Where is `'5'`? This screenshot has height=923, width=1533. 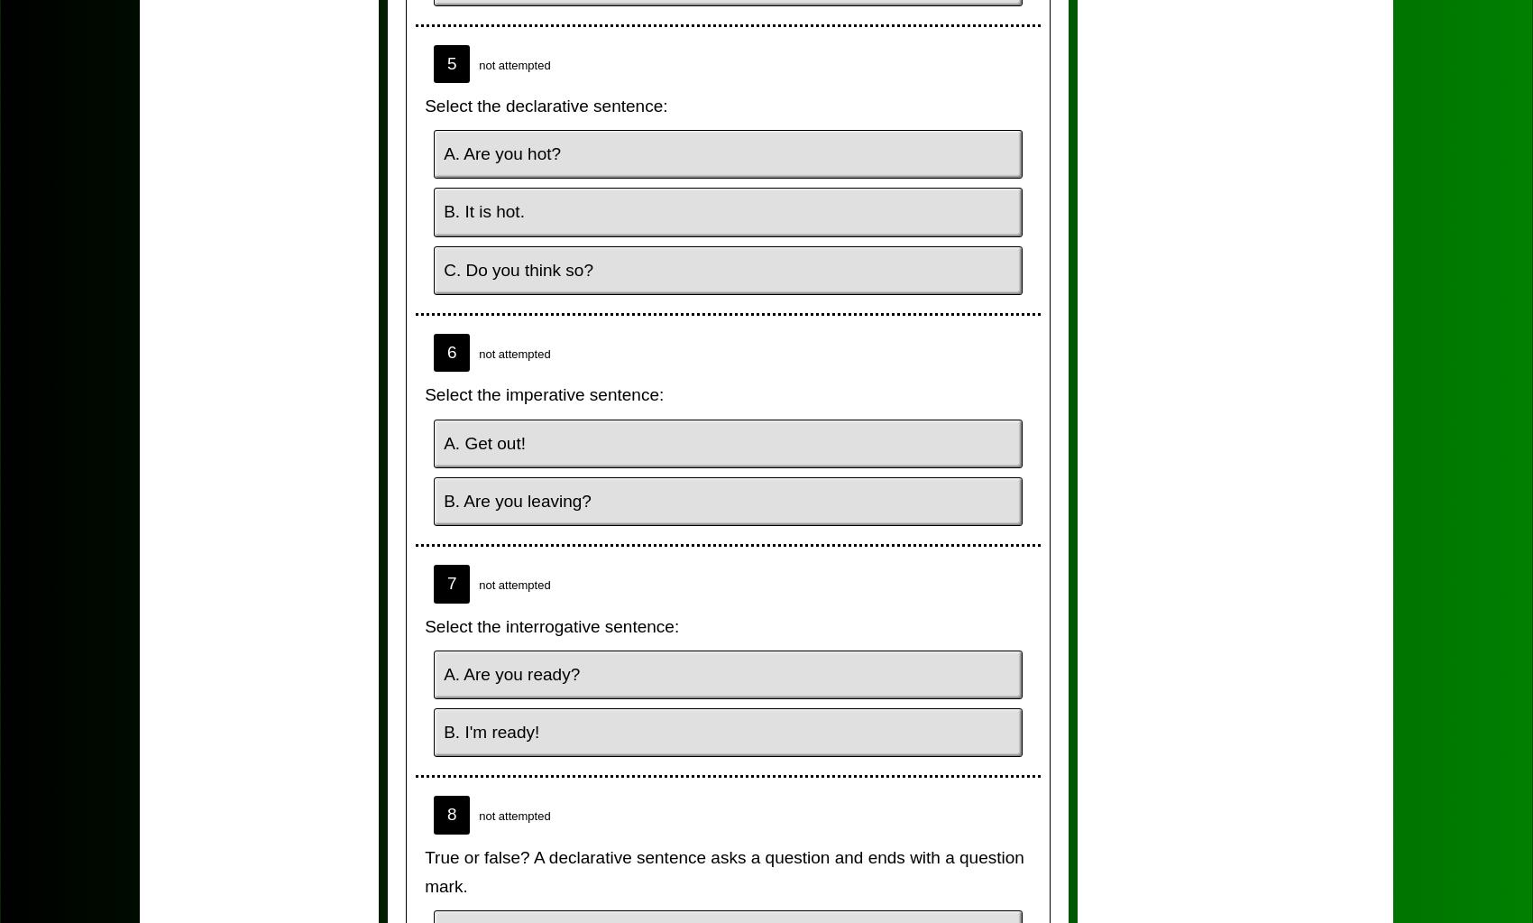
'5' is located at coordinates (451, 61).